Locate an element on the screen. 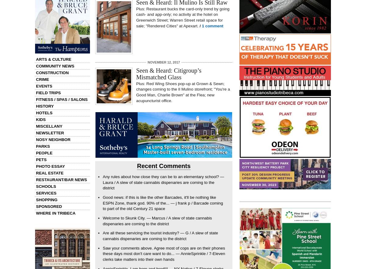 The width and height of the screenshot is (366, 269). 'Real Estate' is located at coordinates (49, 173).